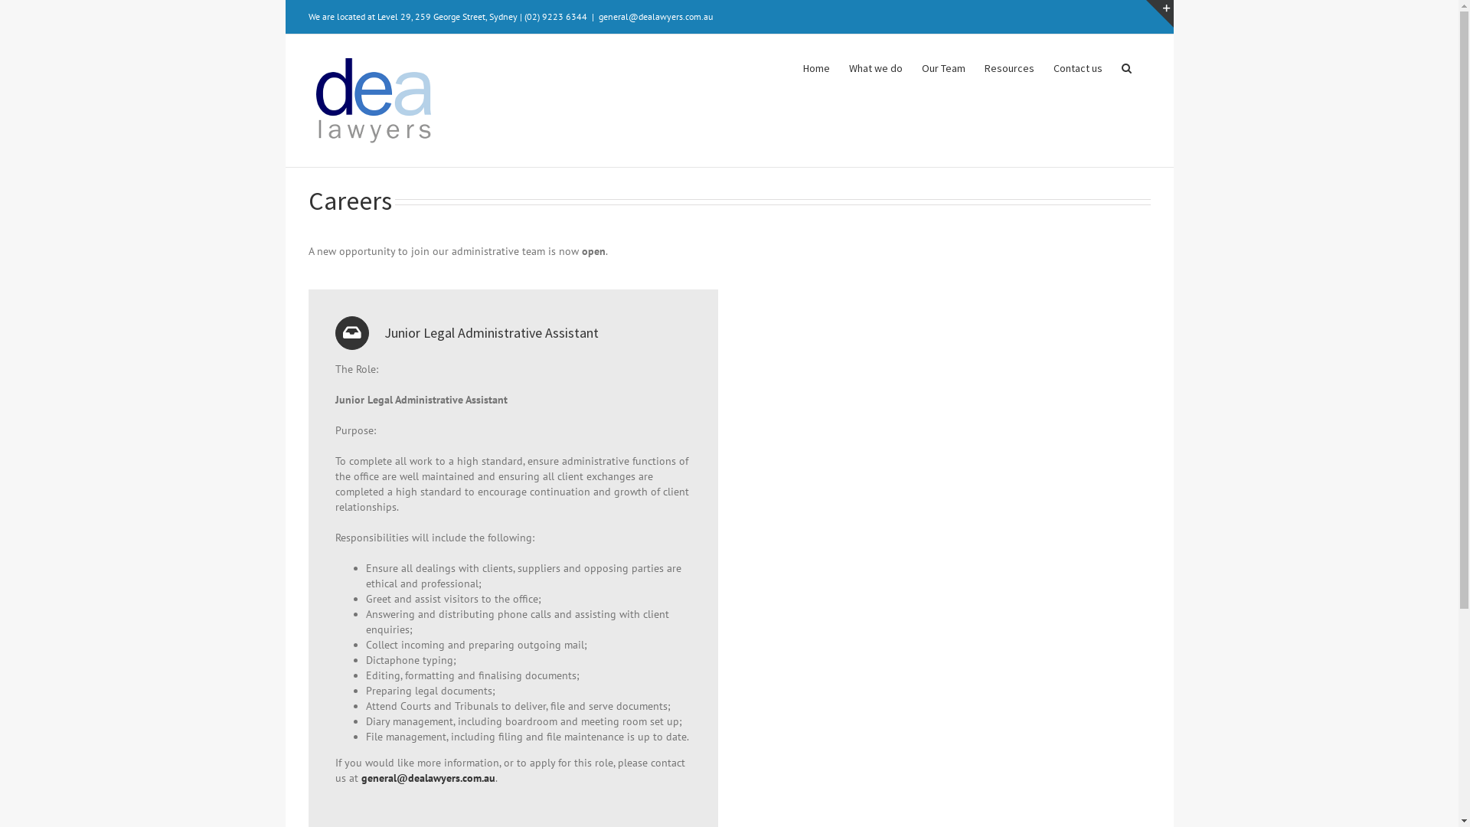 The height and width of the screenshot is (827, 1470). Describe the element at coordinates (874, 66) in the screenshot. I see `'What we do'` at that location.